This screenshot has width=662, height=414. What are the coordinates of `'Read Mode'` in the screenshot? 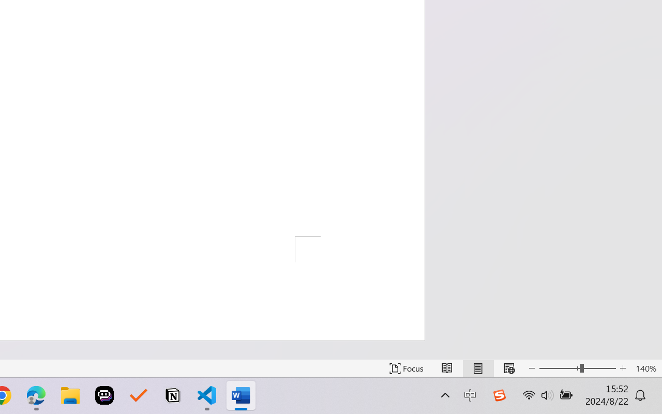 It's located at (447, 368).